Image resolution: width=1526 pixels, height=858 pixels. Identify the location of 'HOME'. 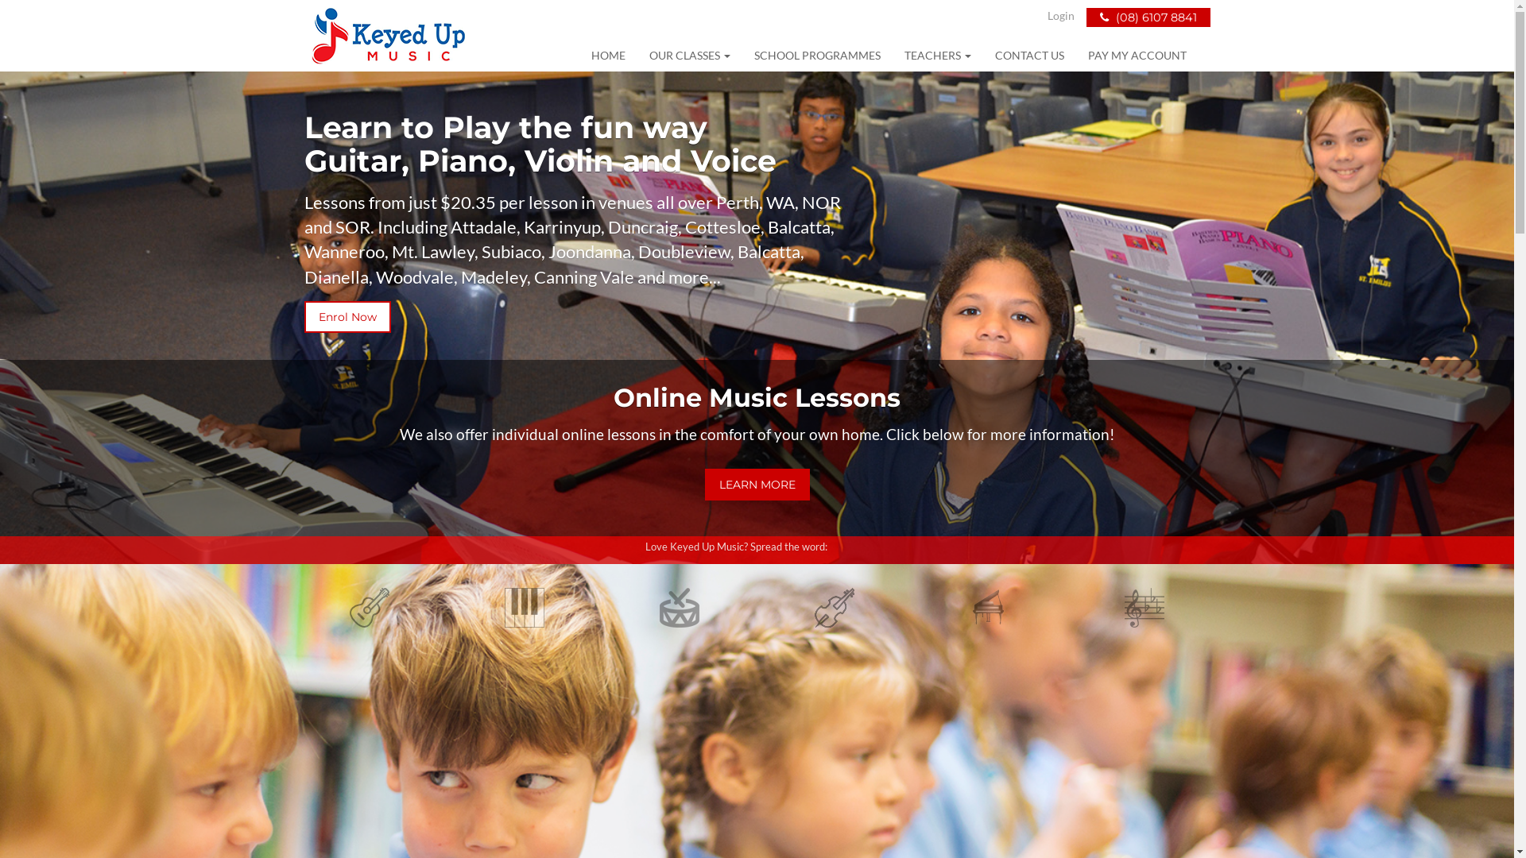
(606, 54).